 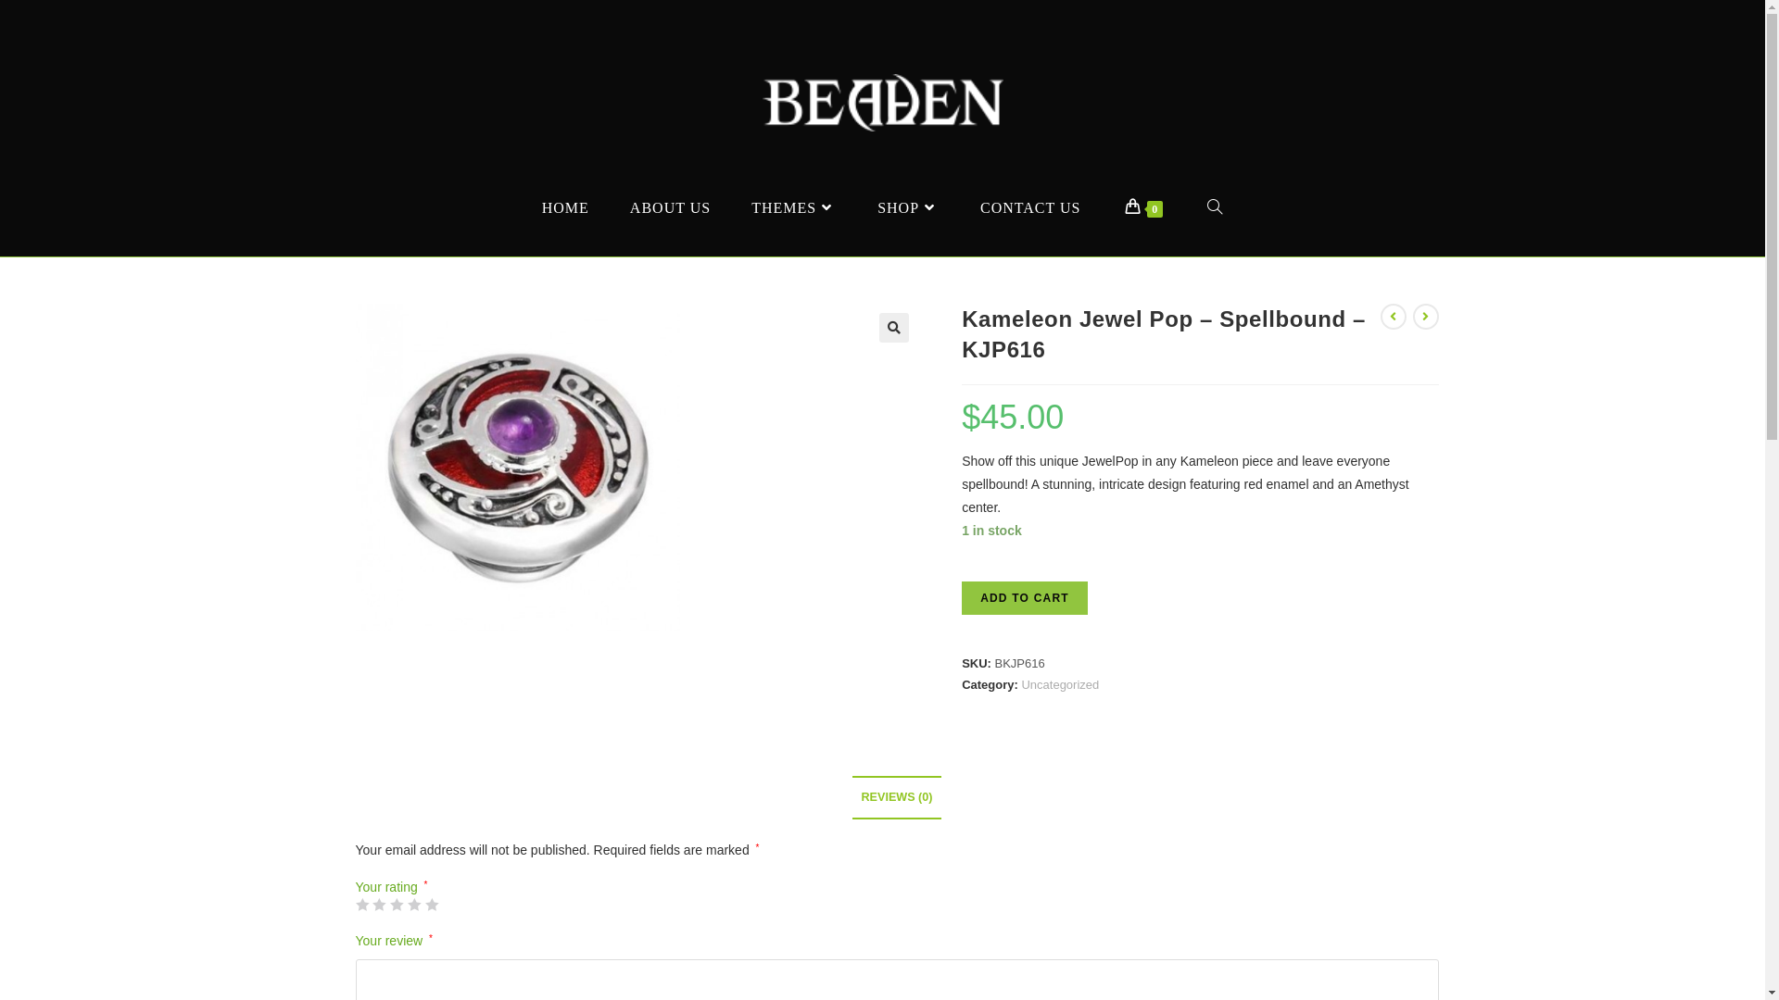 What do you see at coordinates (395, 903) in the screenshot?
I see `'3'` at bounding box center [395, 903].